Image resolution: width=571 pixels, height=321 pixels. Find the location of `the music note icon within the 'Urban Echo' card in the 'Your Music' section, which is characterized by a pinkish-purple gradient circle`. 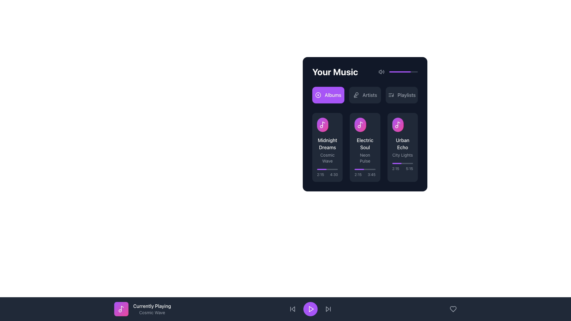

the music note icon within the 'Urban Echo' card in the 'Your Music' section, which is characterized by a pinkish-purple gradient circle is located at coordinates (398, 125).